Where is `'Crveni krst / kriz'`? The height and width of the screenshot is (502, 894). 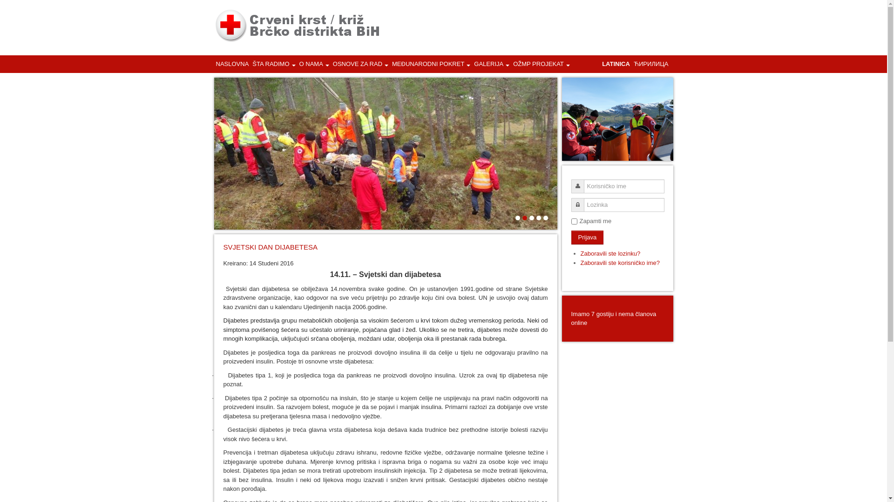
'Crveni krst / kriz' is located at coordinates (297, 26).